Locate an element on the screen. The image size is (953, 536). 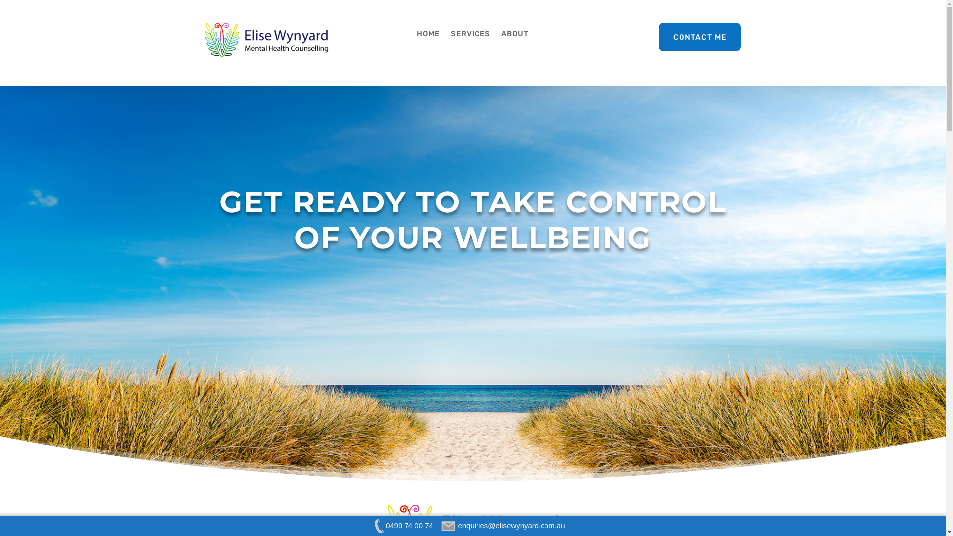
'0499 74 00 74' is located at coordinates (402, 525).